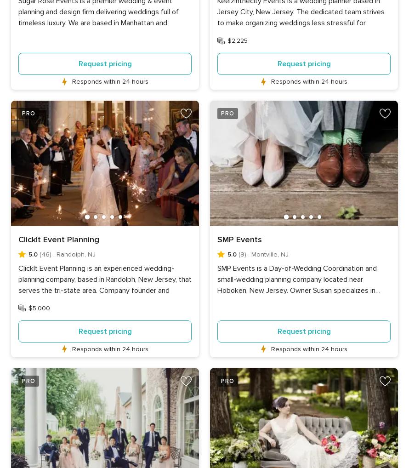 This screenshot has width=409, height=468. I want to click on '$2,225', so click(237, 40).